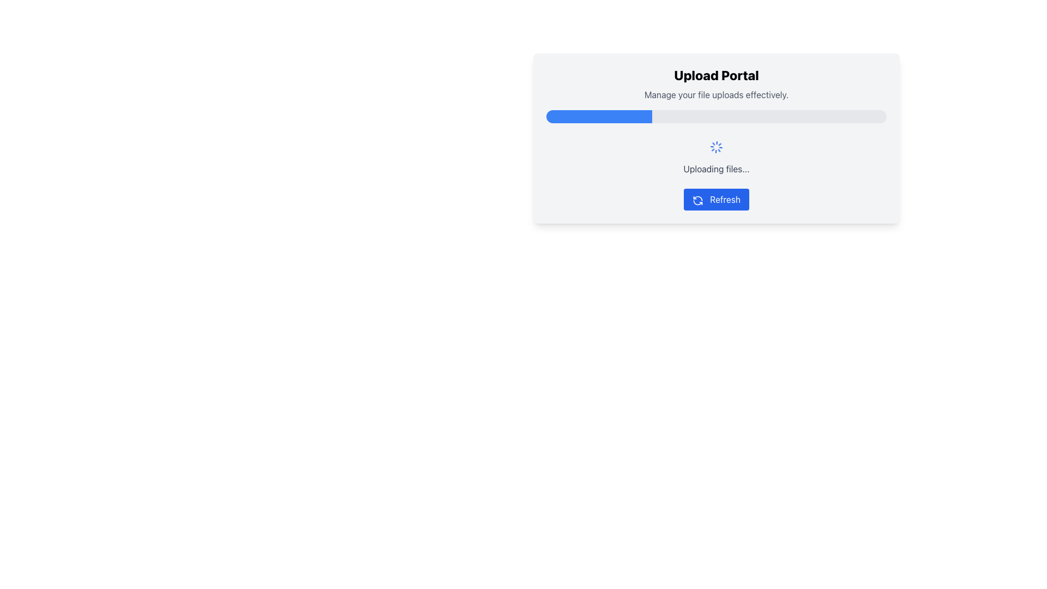 This screenshot has width=1047, height=589. Describe the element at coordinates (717, 169) in the screenshot. I see `the static text label displaying 'Uploading files...' which is located below the spinning loader icon in the modal interface` at that location.